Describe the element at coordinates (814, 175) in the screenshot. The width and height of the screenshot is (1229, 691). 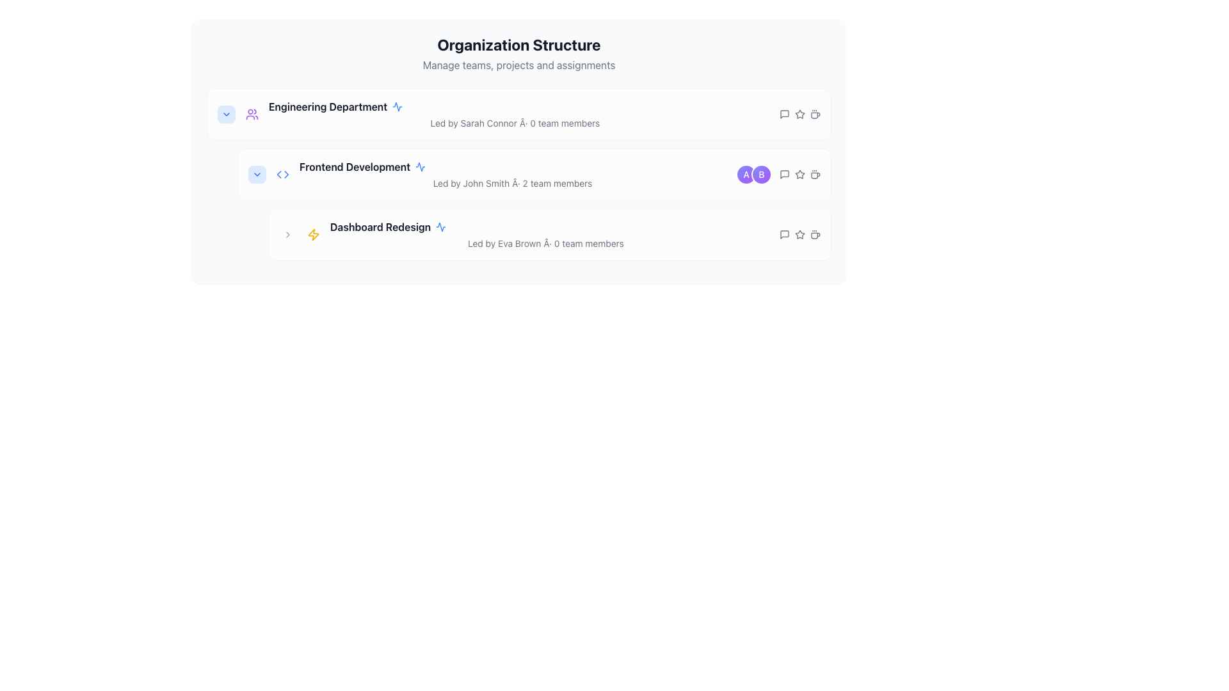
I see `the coffee cup icon with steam, located in the 'Frontend Development' section of the 'Organization Structure', which is the last icon following the star icon` at that location.